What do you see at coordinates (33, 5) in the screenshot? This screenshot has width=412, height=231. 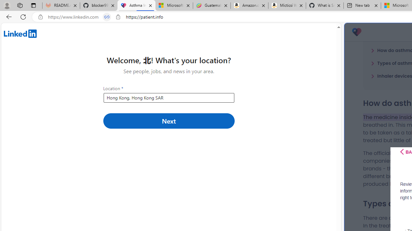 I see `'Tab actions menu'` at bounding box center [33, 5].